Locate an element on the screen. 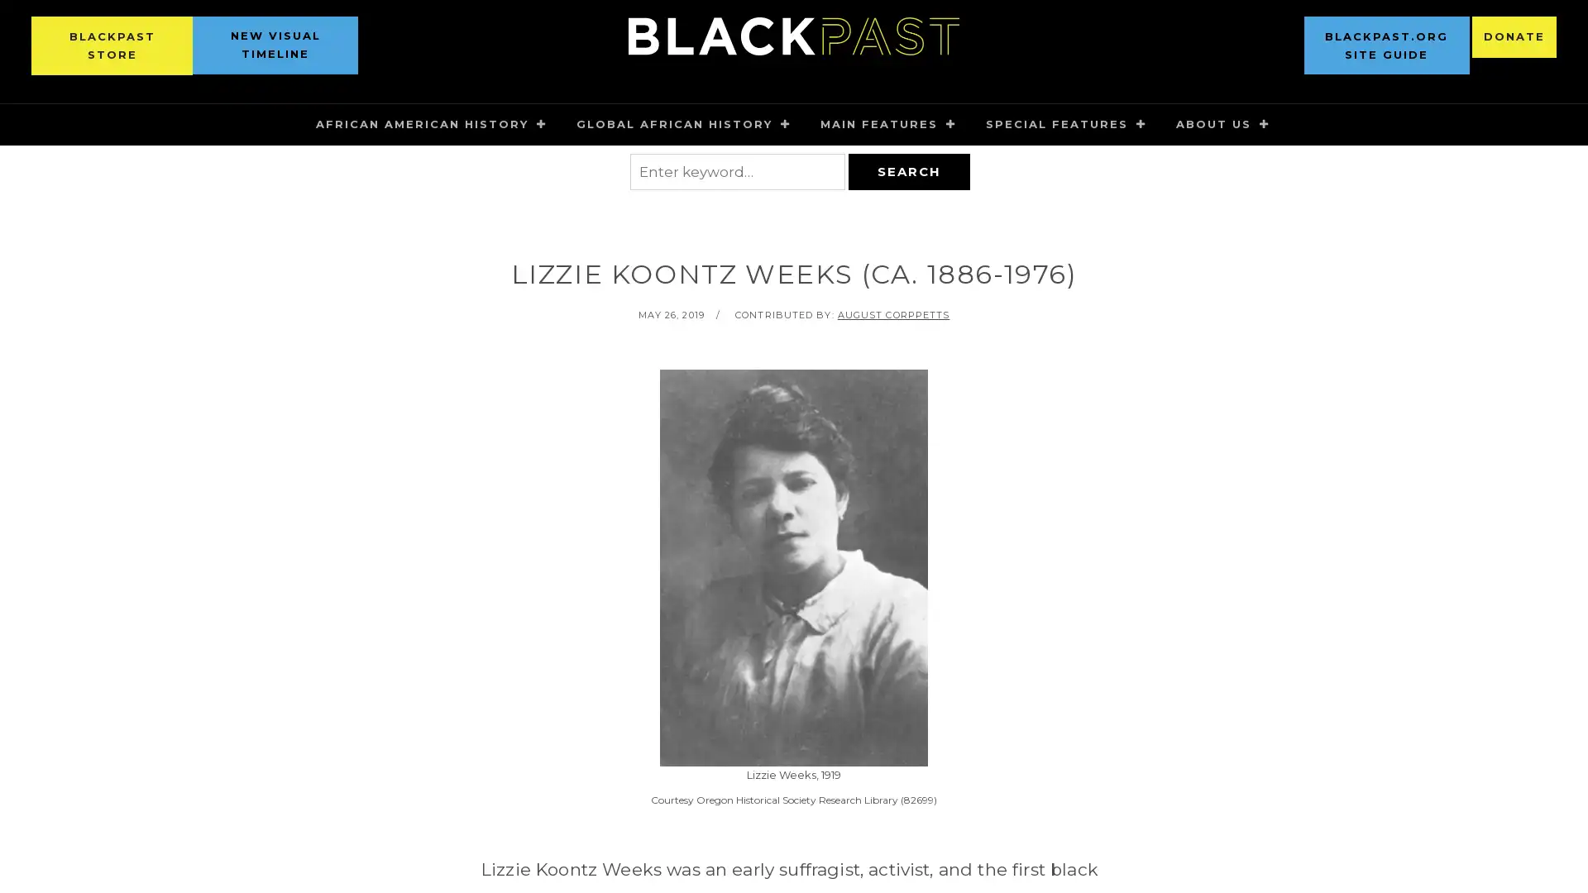 The image size is (1588, 893). SEARCH is located at coordinates (907, 171).